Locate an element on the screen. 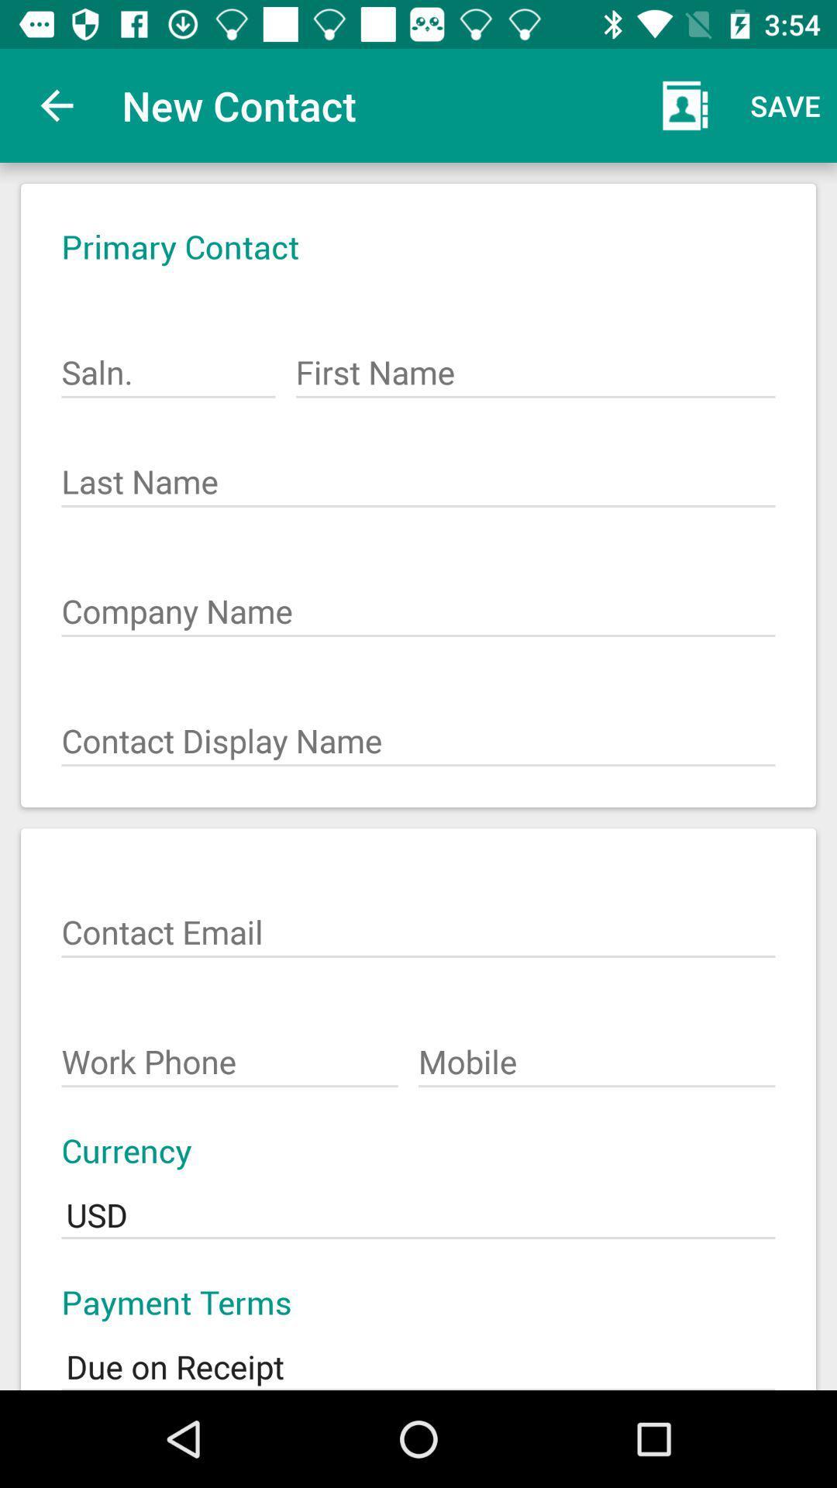  icon to the left of new contact item is located at coordinates (56, 105).